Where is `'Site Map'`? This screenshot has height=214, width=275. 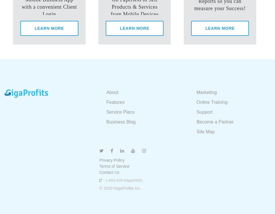
'Site Map' is located at coordinates (205, 131).